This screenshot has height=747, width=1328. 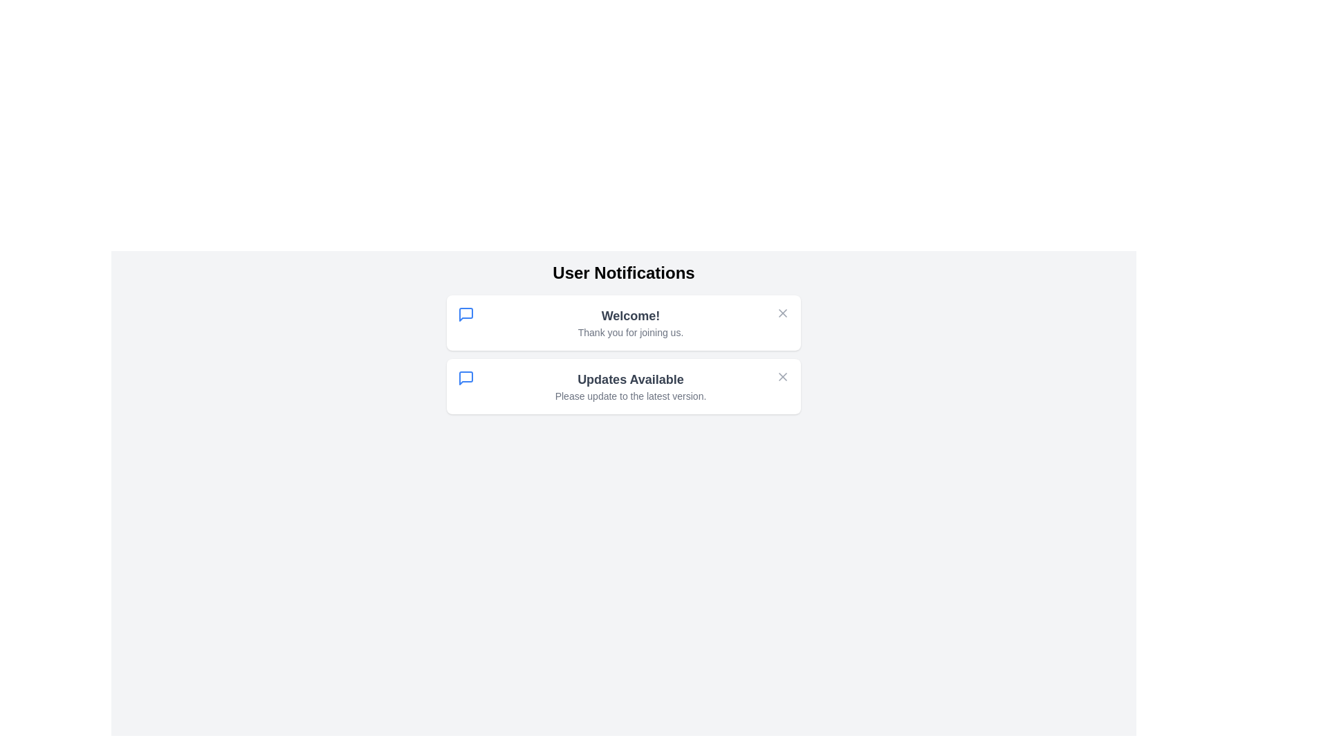 I want to click on the text block that displays 'Updates Available' in bold and 'Please update to the latest version.' in a smaller font, located in the second notification of the vertically stacked list, so click(x=630, y=387).